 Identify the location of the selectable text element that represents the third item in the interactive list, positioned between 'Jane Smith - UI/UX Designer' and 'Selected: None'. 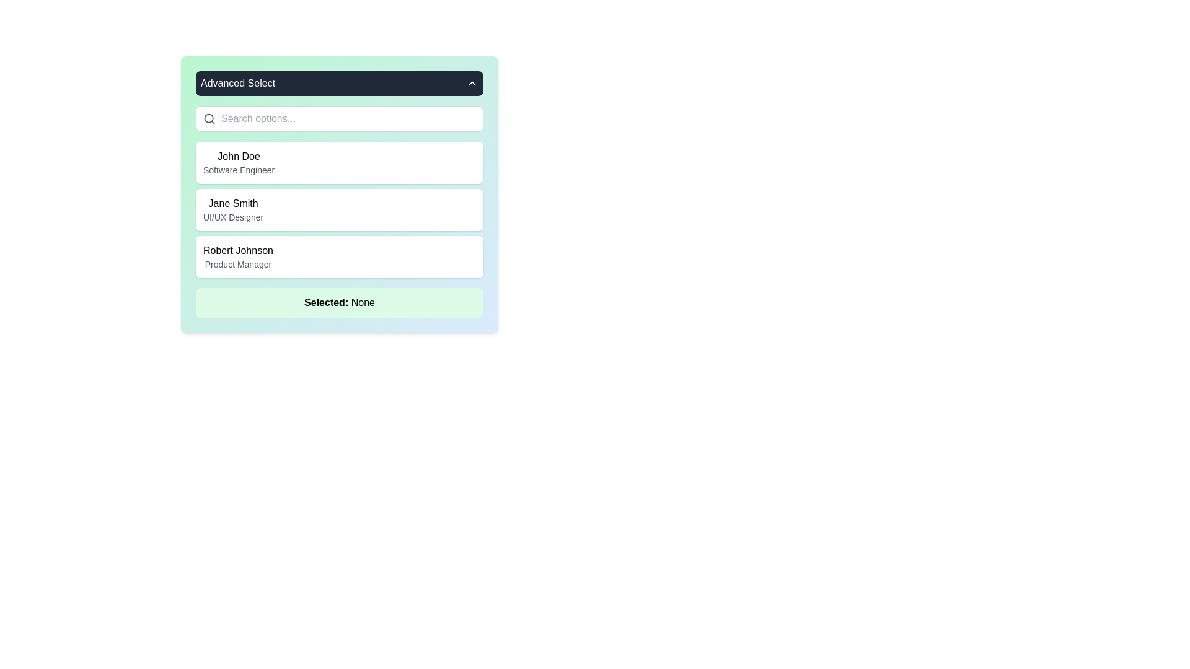
(238, 256).